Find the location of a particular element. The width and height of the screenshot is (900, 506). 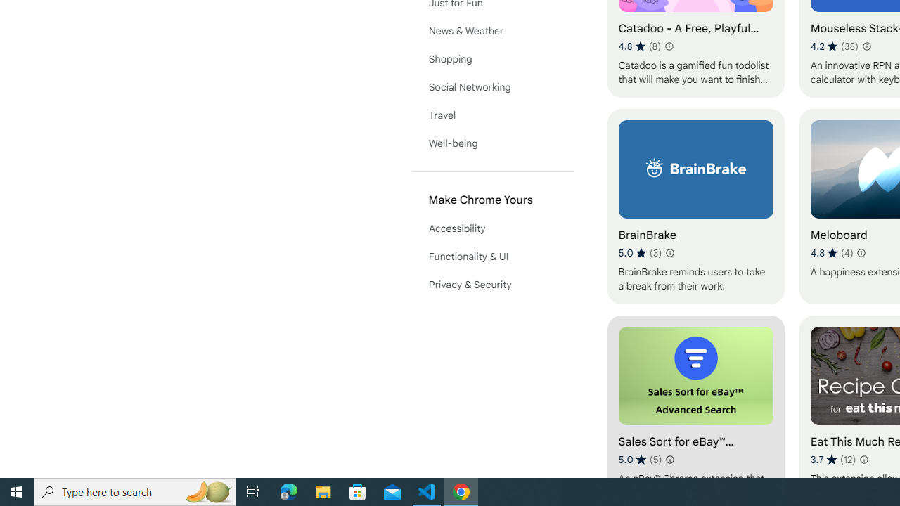

'News & Weather' is located at coordinates (492, 30).